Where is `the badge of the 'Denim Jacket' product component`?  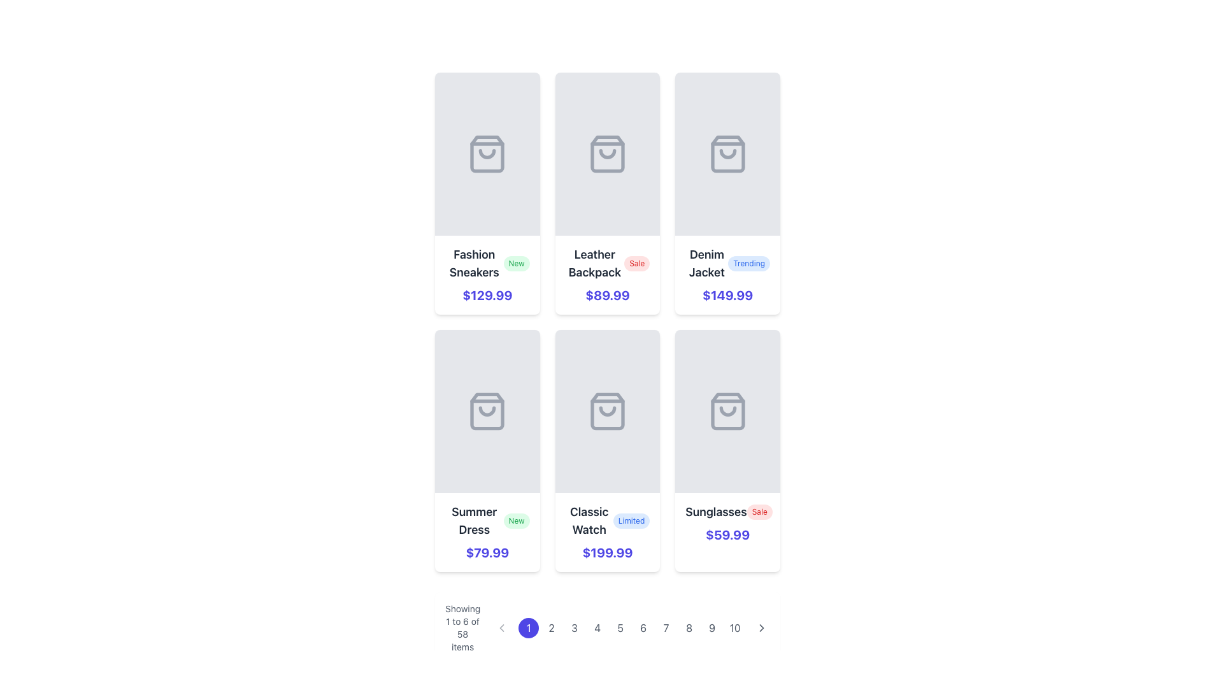 the badge of the 'Denim Jacket' product component is located at coordinates (727, 262).